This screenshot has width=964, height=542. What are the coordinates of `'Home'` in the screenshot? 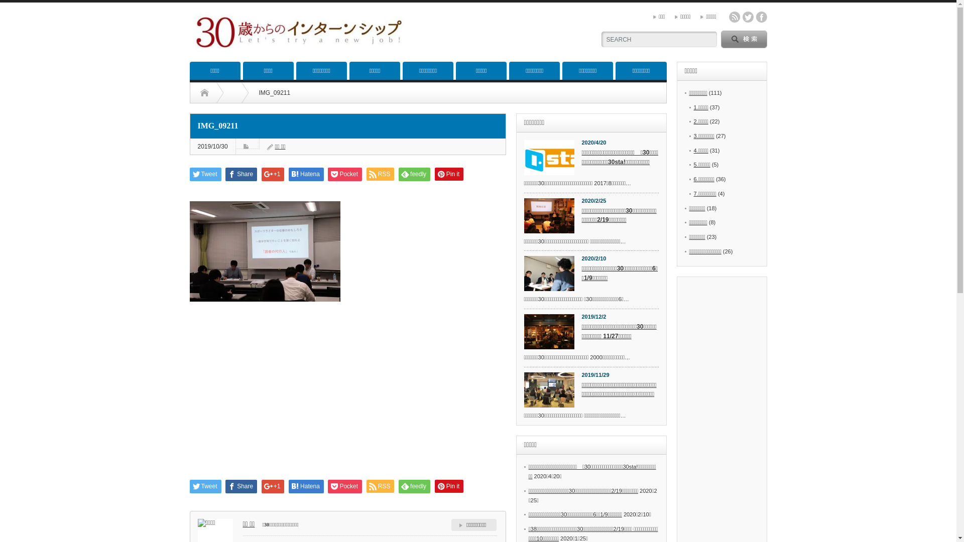 It's located at (203, 93).